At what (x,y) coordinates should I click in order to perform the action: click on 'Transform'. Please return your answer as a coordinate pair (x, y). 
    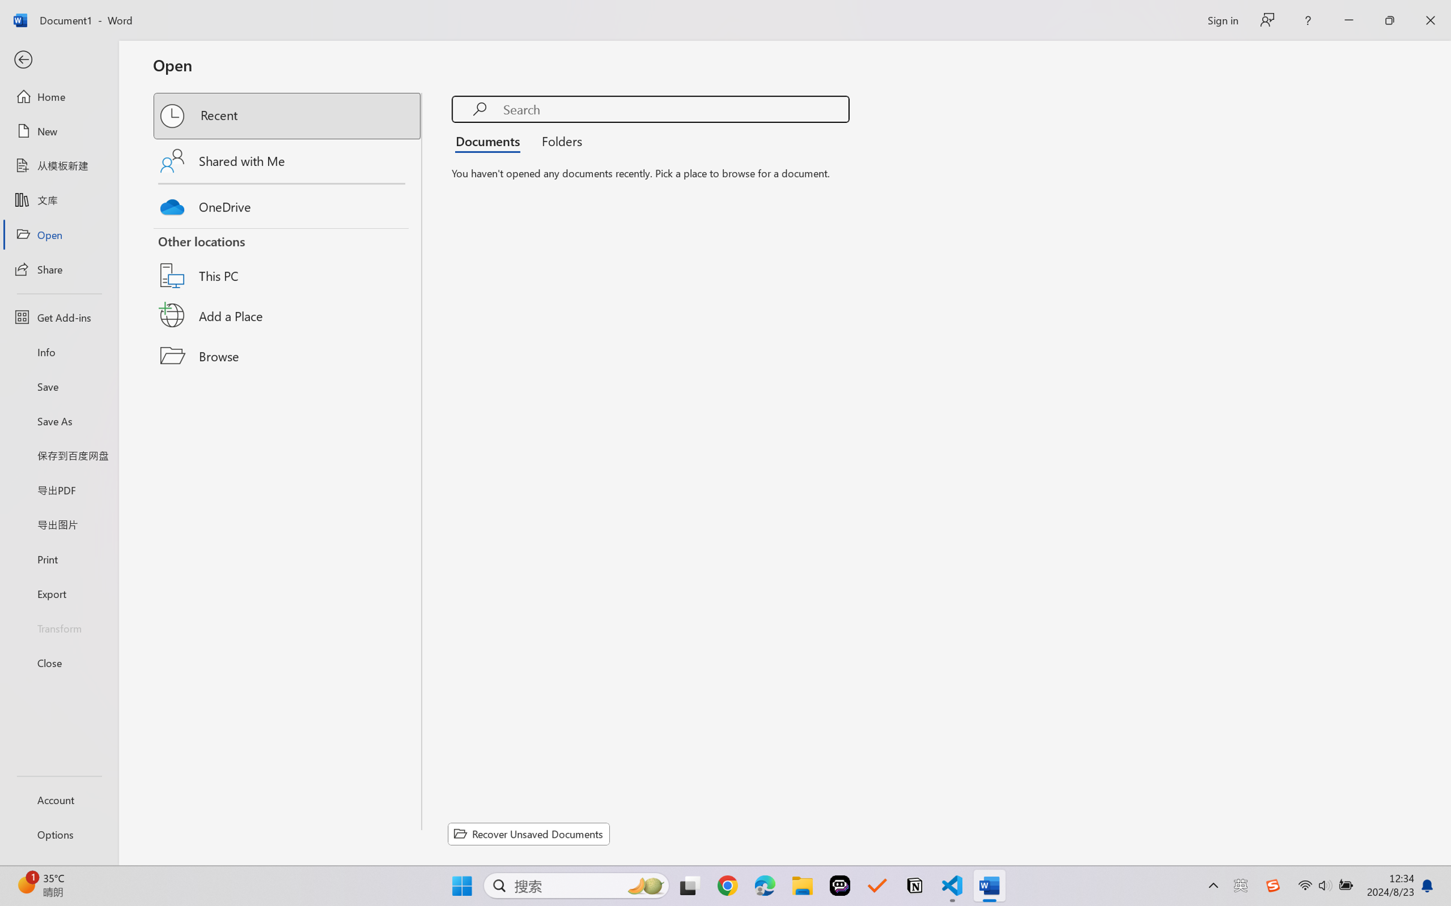
    Looking at the image, I should click on (58, 627).